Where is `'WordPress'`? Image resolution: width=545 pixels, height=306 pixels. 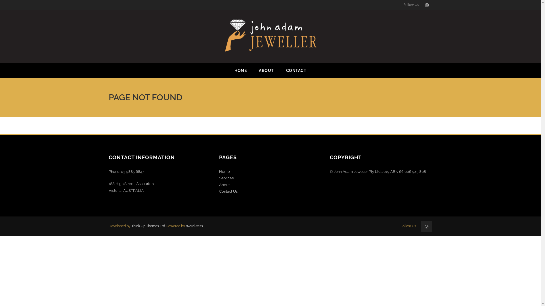
'WordPress' is located at coordinates (194, 226).